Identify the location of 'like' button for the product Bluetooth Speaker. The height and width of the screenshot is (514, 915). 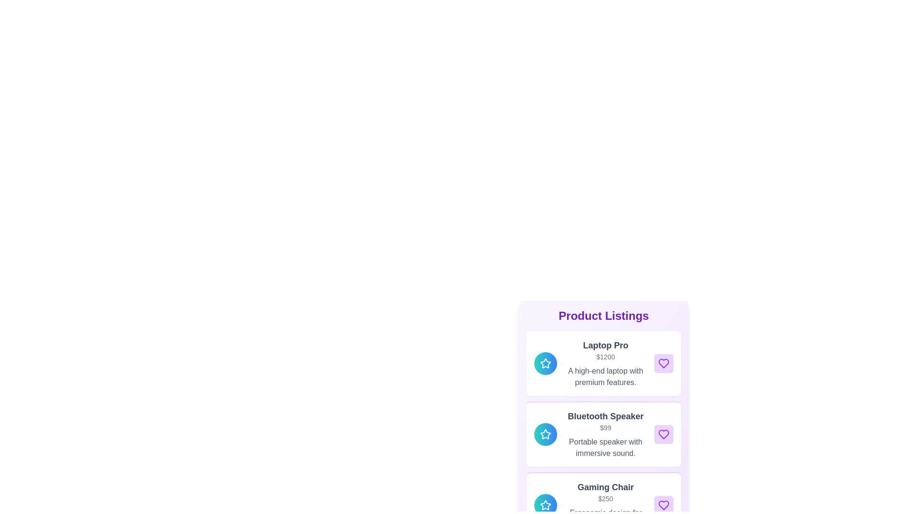
(663, 435).